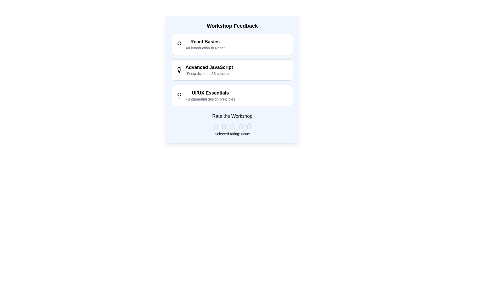 The width and height of the screenshot is (502, 282). Describe the element at coordinates (240, 126) in the screenshot. I see `the third star icon in the rating component located below the 'Rate the Workshop' section` at that location.